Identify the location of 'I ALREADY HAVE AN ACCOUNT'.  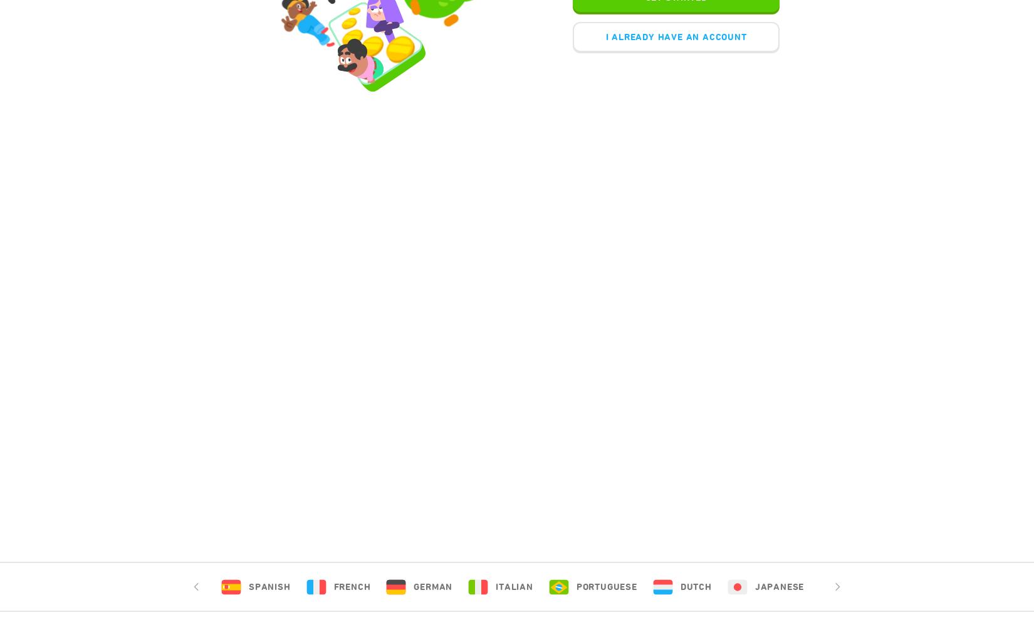
(676, 36).